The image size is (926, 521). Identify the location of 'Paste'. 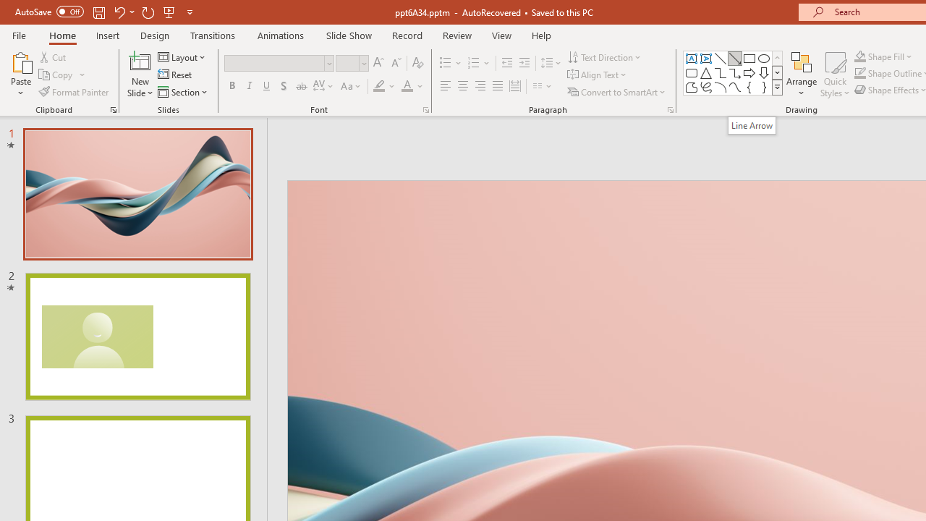
(20, 75).